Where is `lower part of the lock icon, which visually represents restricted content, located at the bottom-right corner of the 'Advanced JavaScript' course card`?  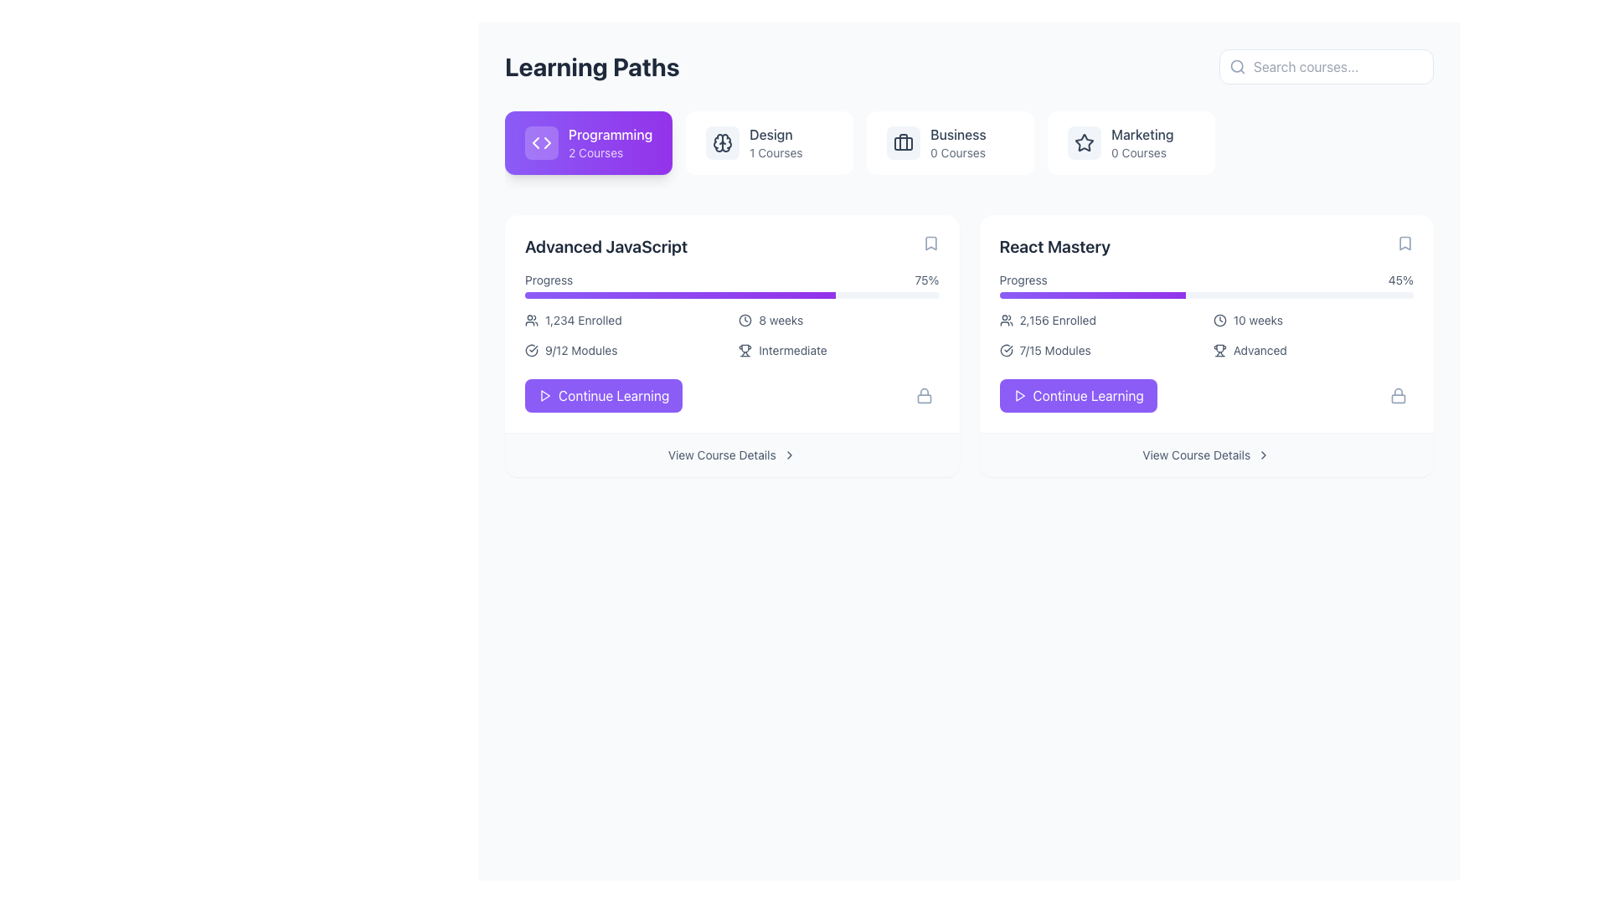
lower part of the lock icon, which visually represents restricted content, located at the bottom-right corner of the 'Advanced JavaScript' course card is located at coordinates (923, 398).